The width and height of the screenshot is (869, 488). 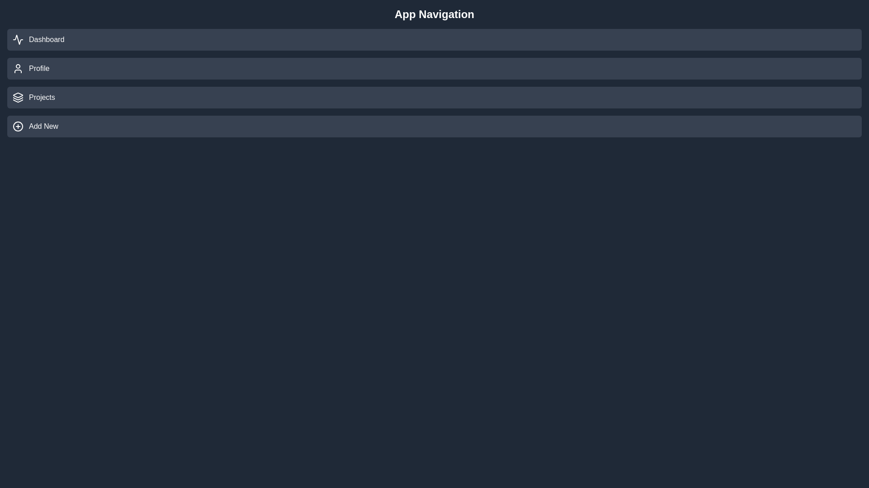 I want to click on the 'Projects' text label in the navigation menu, which is the third row and centrally aligned with an icon to its left, so click(x=41, y=98).